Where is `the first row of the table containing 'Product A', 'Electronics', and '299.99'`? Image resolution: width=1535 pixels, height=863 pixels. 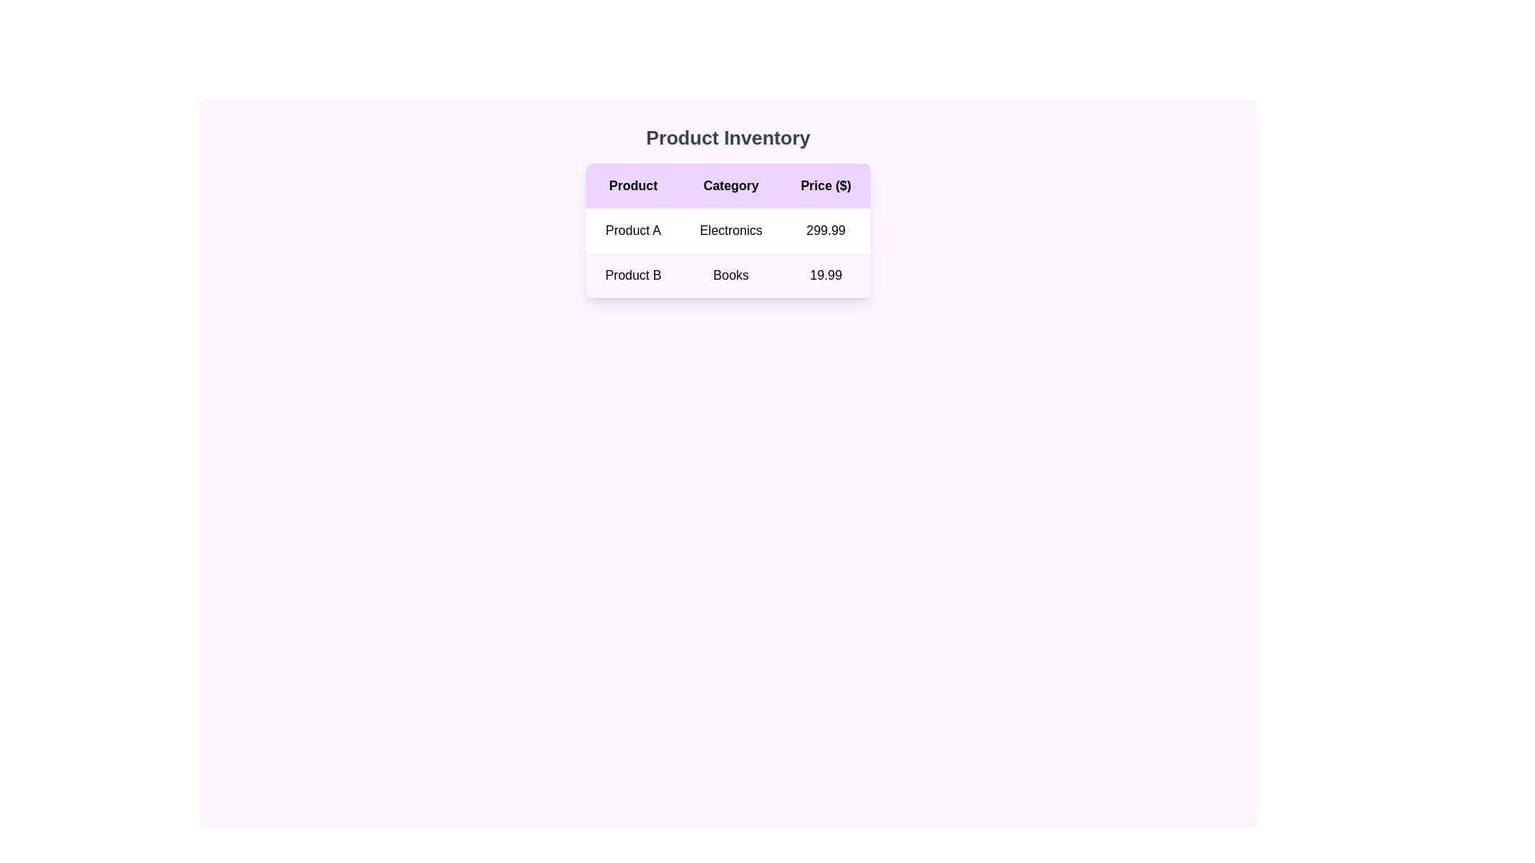
the first row of the table containing 'Product A', 'Electronics', and '299.99' is located at coordinates (728, 231).